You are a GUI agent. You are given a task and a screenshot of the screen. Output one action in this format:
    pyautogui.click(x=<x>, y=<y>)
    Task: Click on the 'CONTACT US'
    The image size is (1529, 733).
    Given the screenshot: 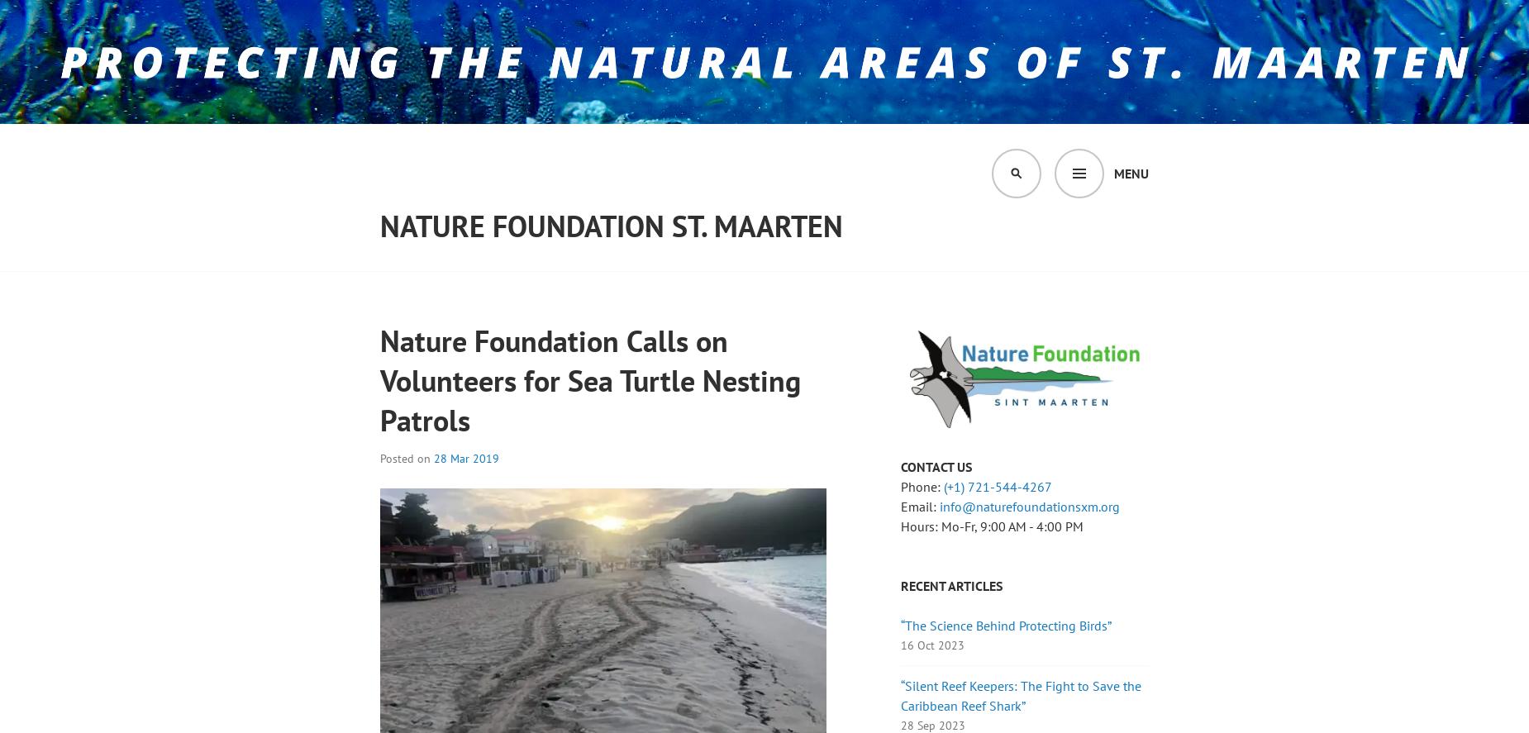 What is the action you would take?
    pyautogui.click(x=935, y=466)
    